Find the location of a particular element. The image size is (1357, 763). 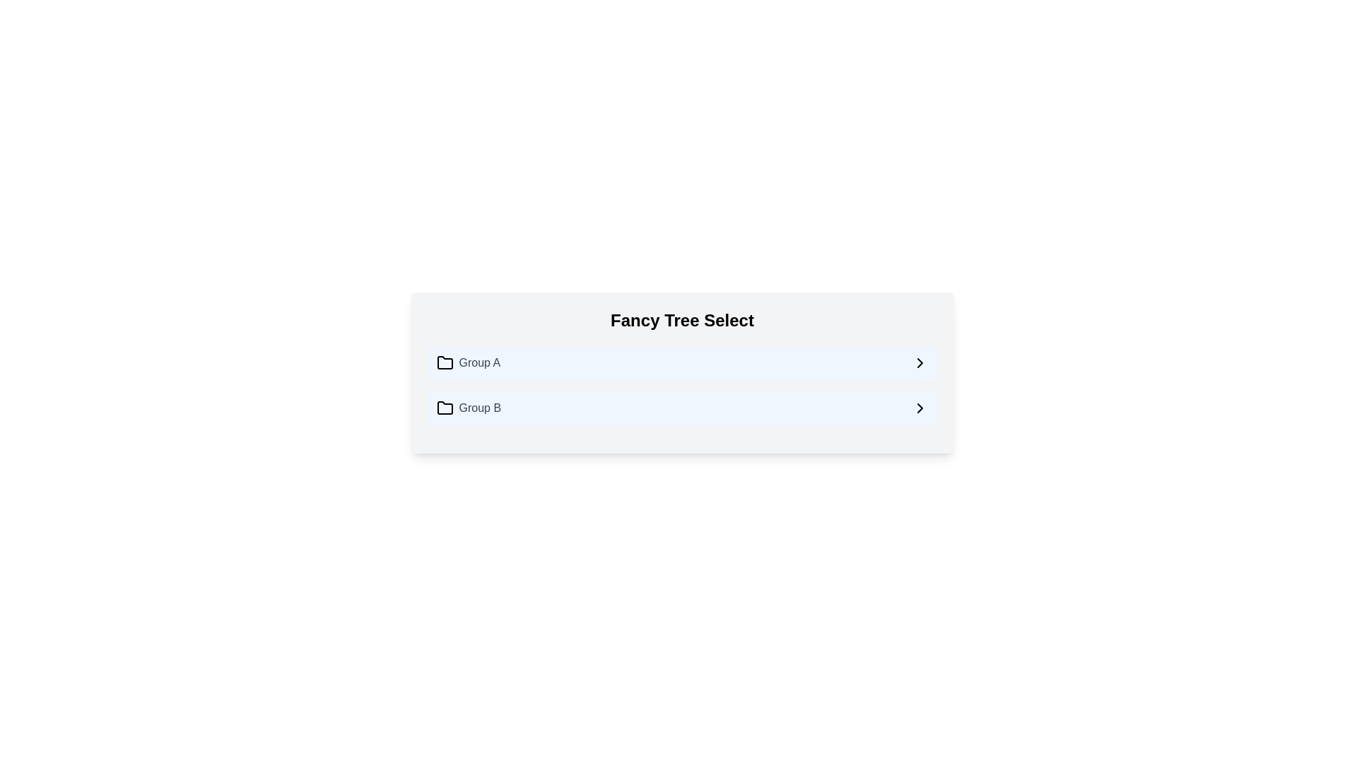

the folder icon located to the immediate left of the label 'Group B' in the second row of the list below 'Fancy Tree Select' is located at coordinates (444, 408).